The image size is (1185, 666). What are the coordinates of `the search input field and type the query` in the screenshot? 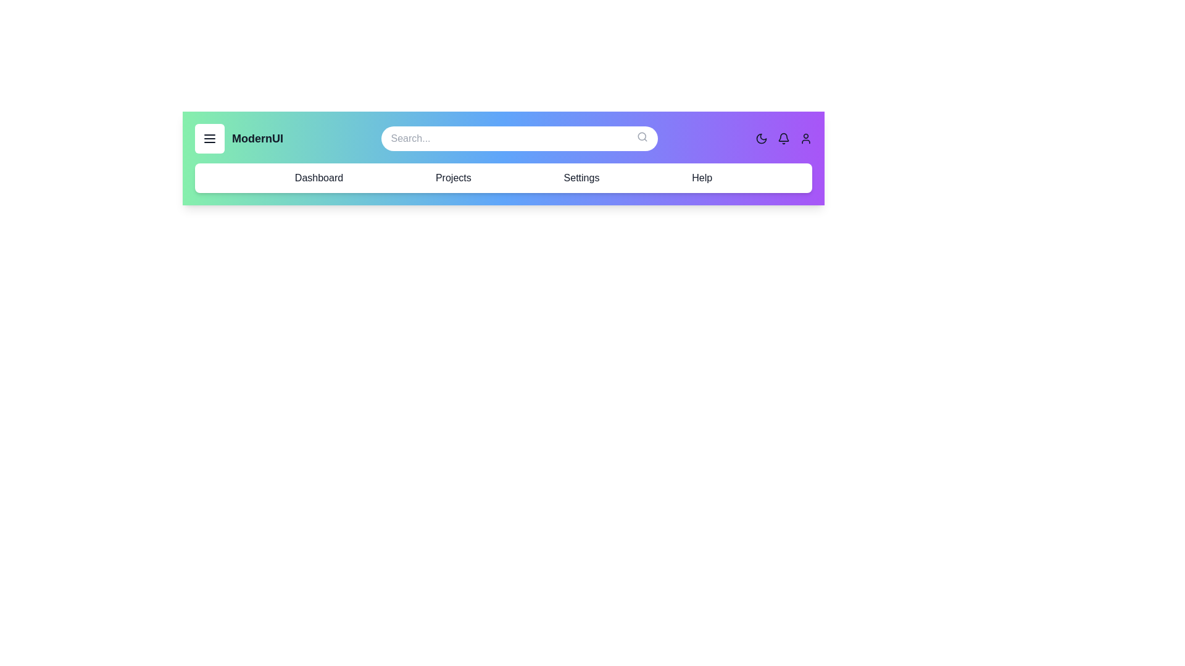 It's located at (519, 138).